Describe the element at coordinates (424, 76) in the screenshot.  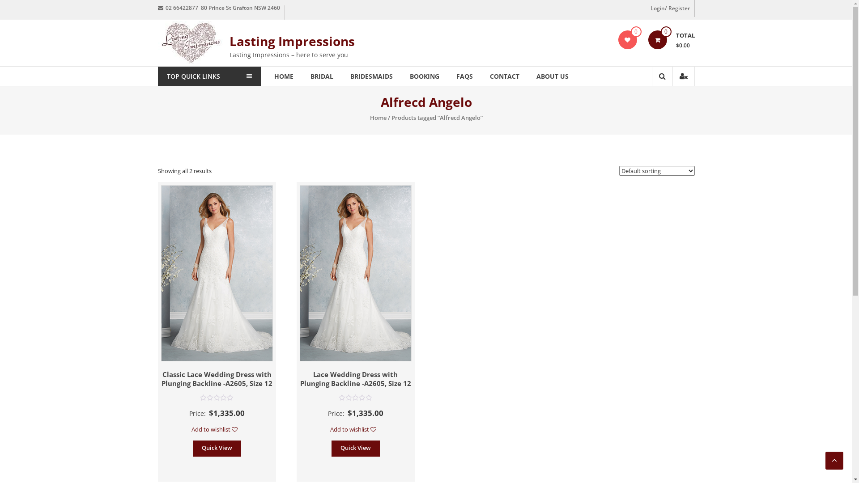
I see `'BOOKING'` at that location.